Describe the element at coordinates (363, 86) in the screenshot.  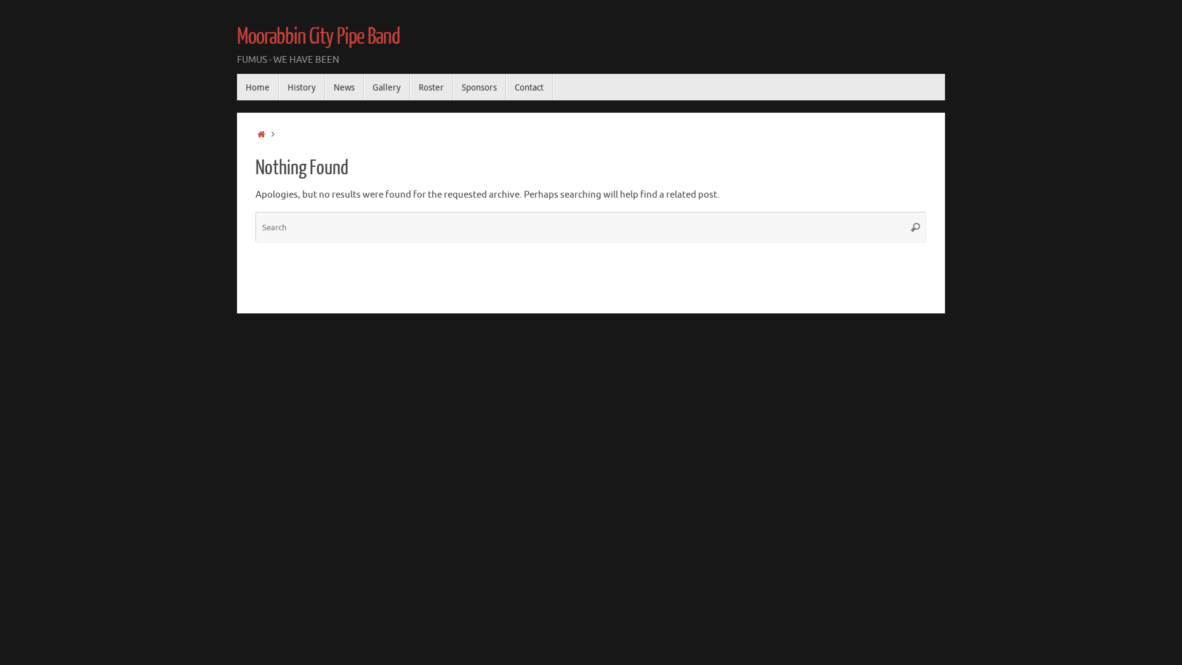
I see `'Gallery'` at that location.